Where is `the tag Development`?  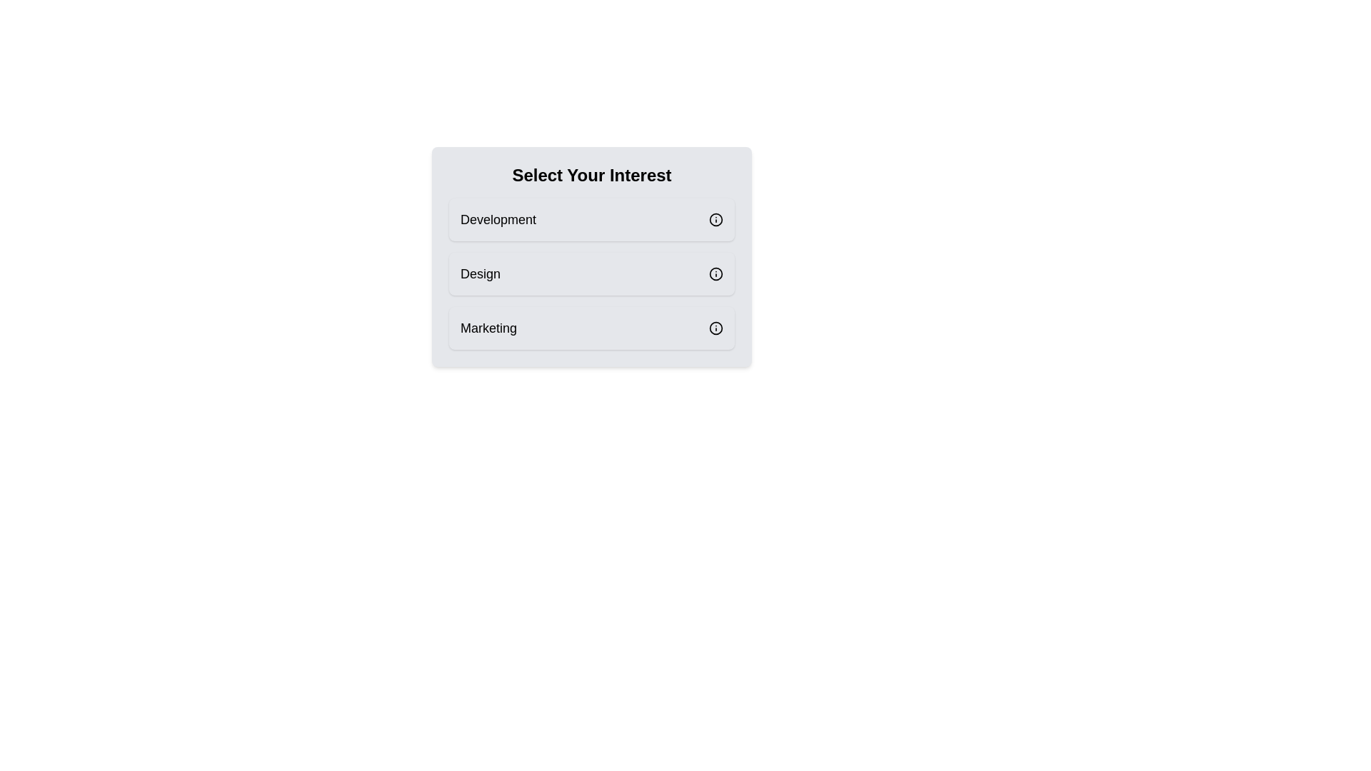
the tag Development is located at coordinates (592, 220).